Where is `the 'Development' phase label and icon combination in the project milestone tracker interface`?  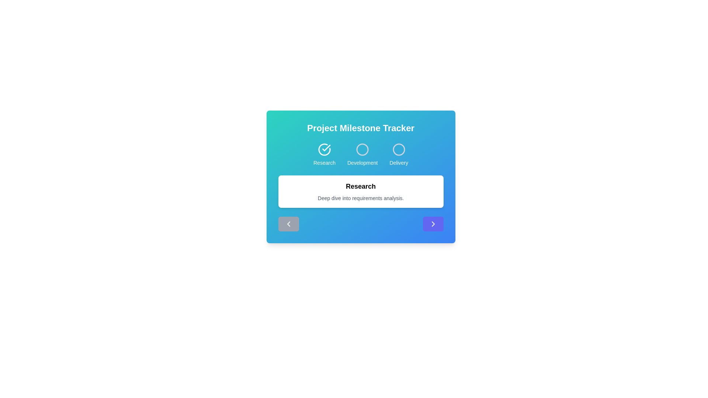
the 'Development' phase label and icon combination in the project milestone tracker interface is located at coordinates (362, 154).